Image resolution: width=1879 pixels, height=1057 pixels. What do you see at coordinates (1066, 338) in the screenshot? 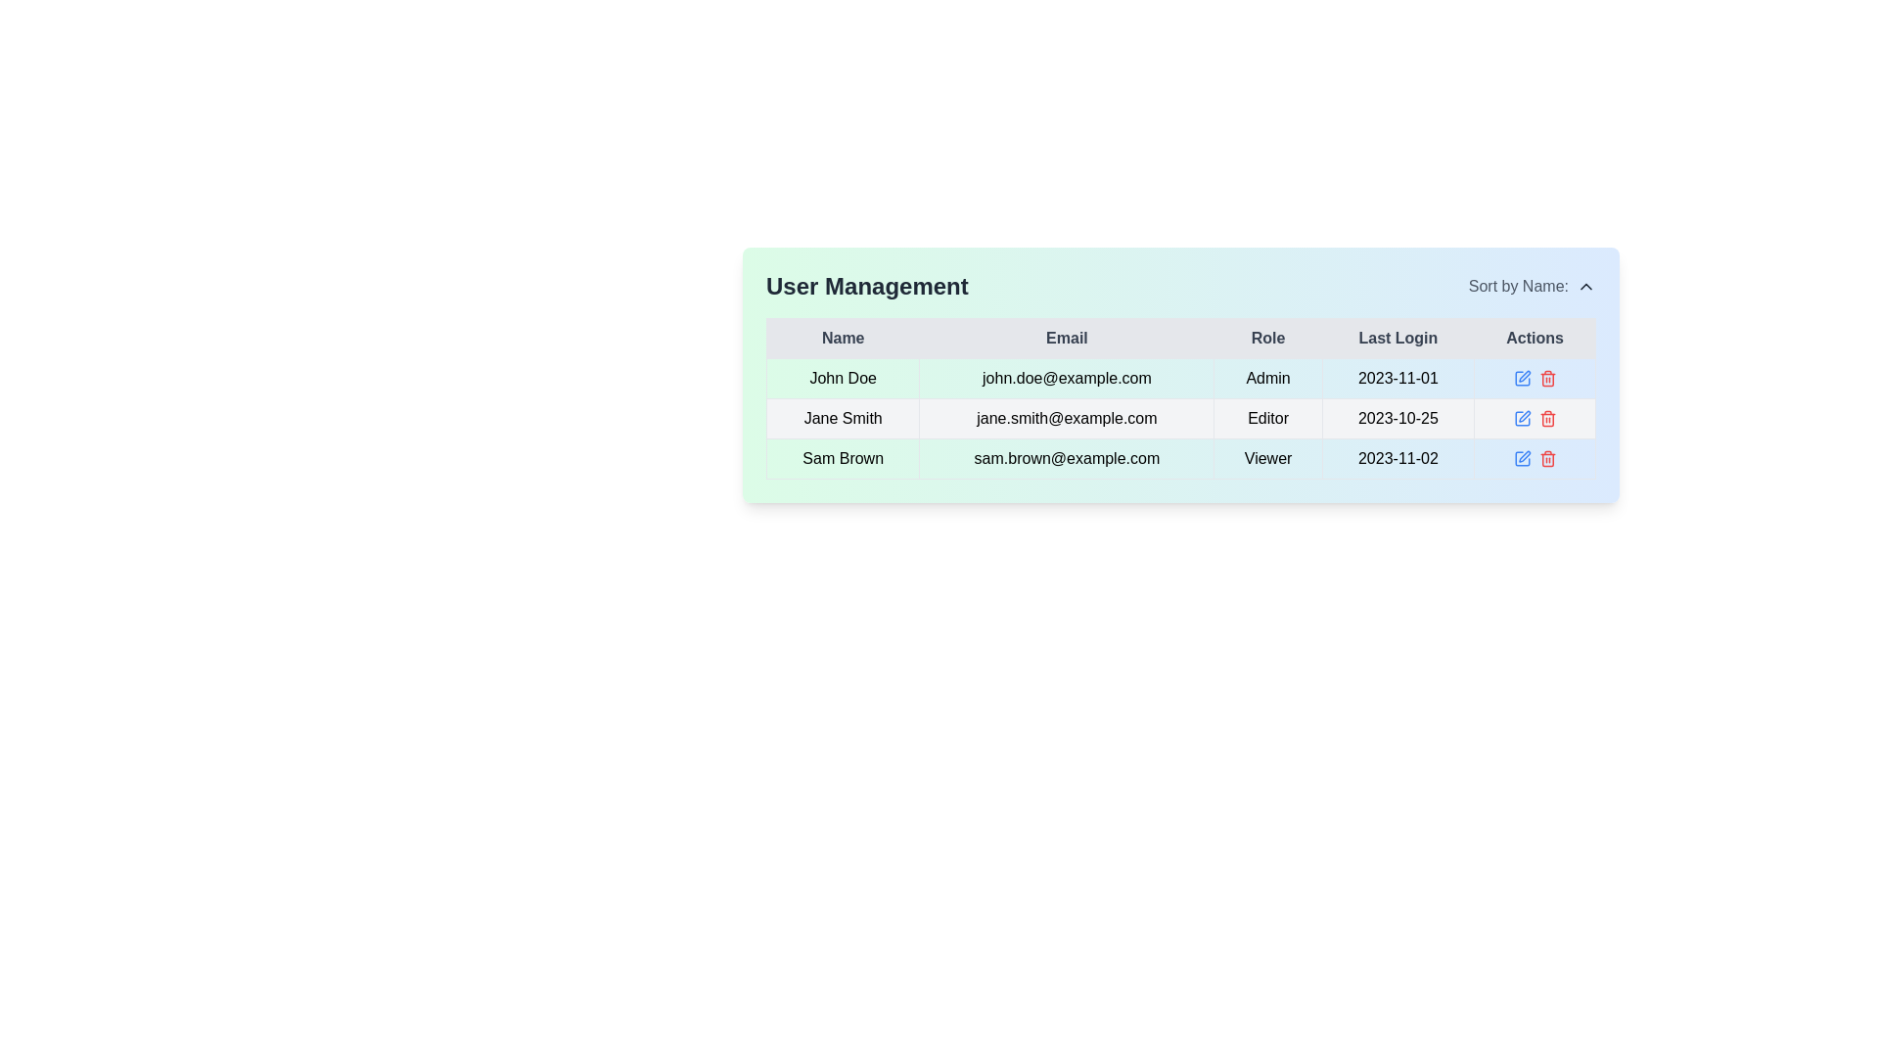
I see `the static text label in the second header cell of the table, which represents email data and is located between the 'Name' and 'Role' columns` at bounding box center [1066, 338].